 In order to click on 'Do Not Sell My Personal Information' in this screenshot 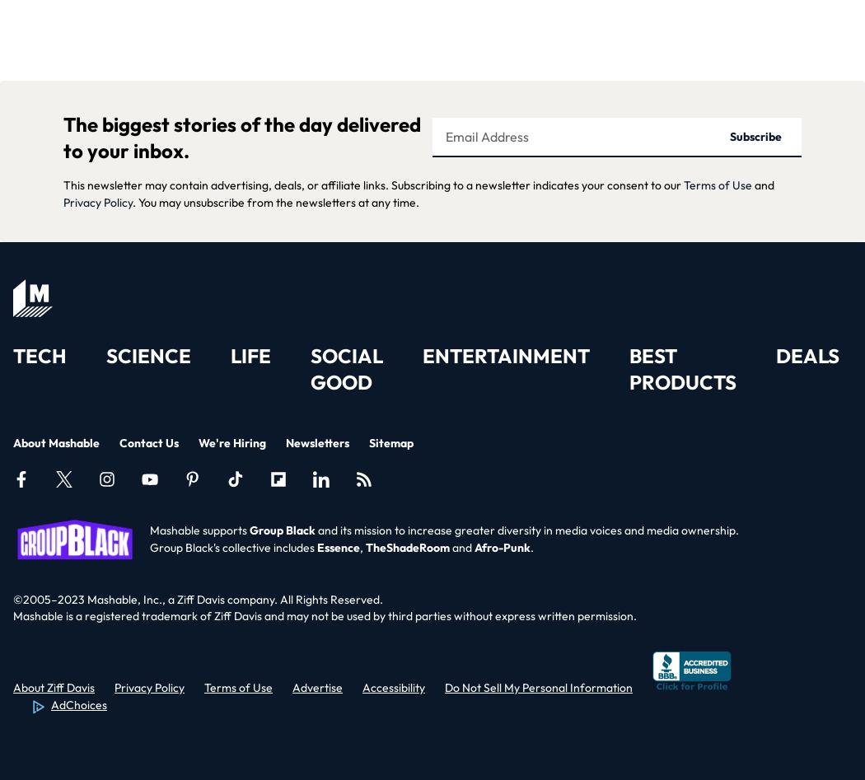, I will do `click(538, 687)`.